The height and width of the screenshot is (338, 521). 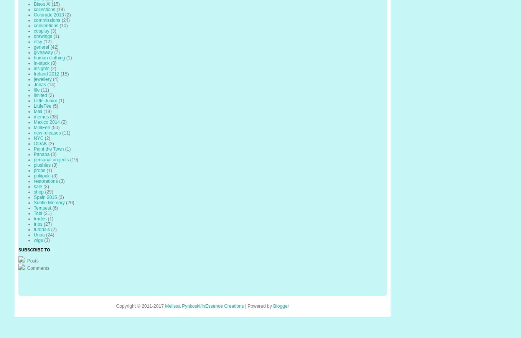 What do you see at coordinates (45, 197) in the screenshot?
I see `'Spain 2015'` at bounding box center [45, 197].